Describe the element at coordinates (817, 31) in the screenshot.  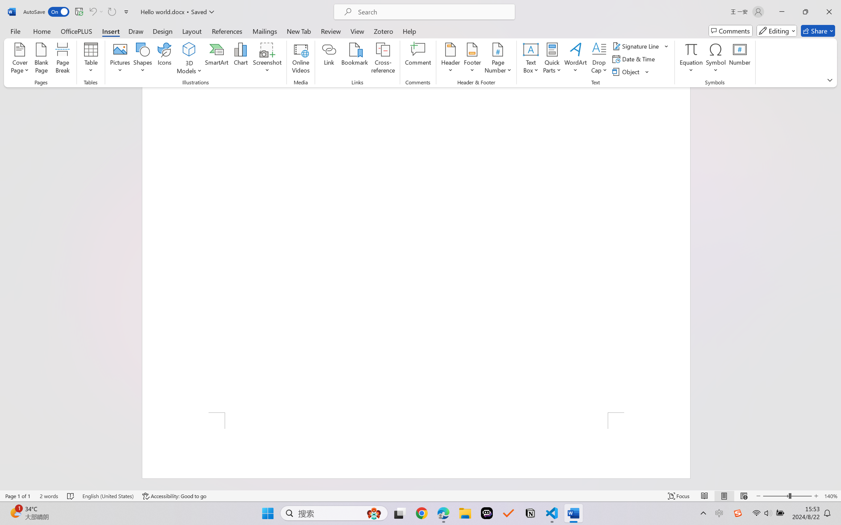
I see `'Share'` at that location.